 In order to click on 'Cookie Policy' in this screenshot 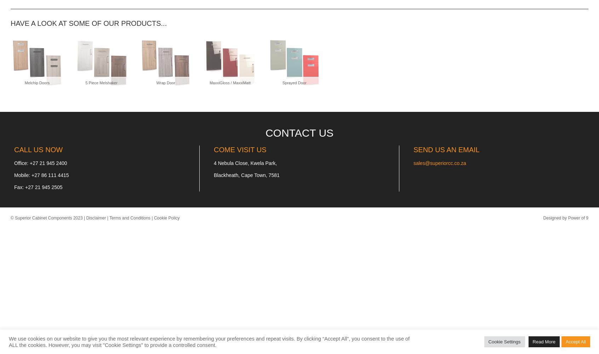, I will do `click(166, 218)`.